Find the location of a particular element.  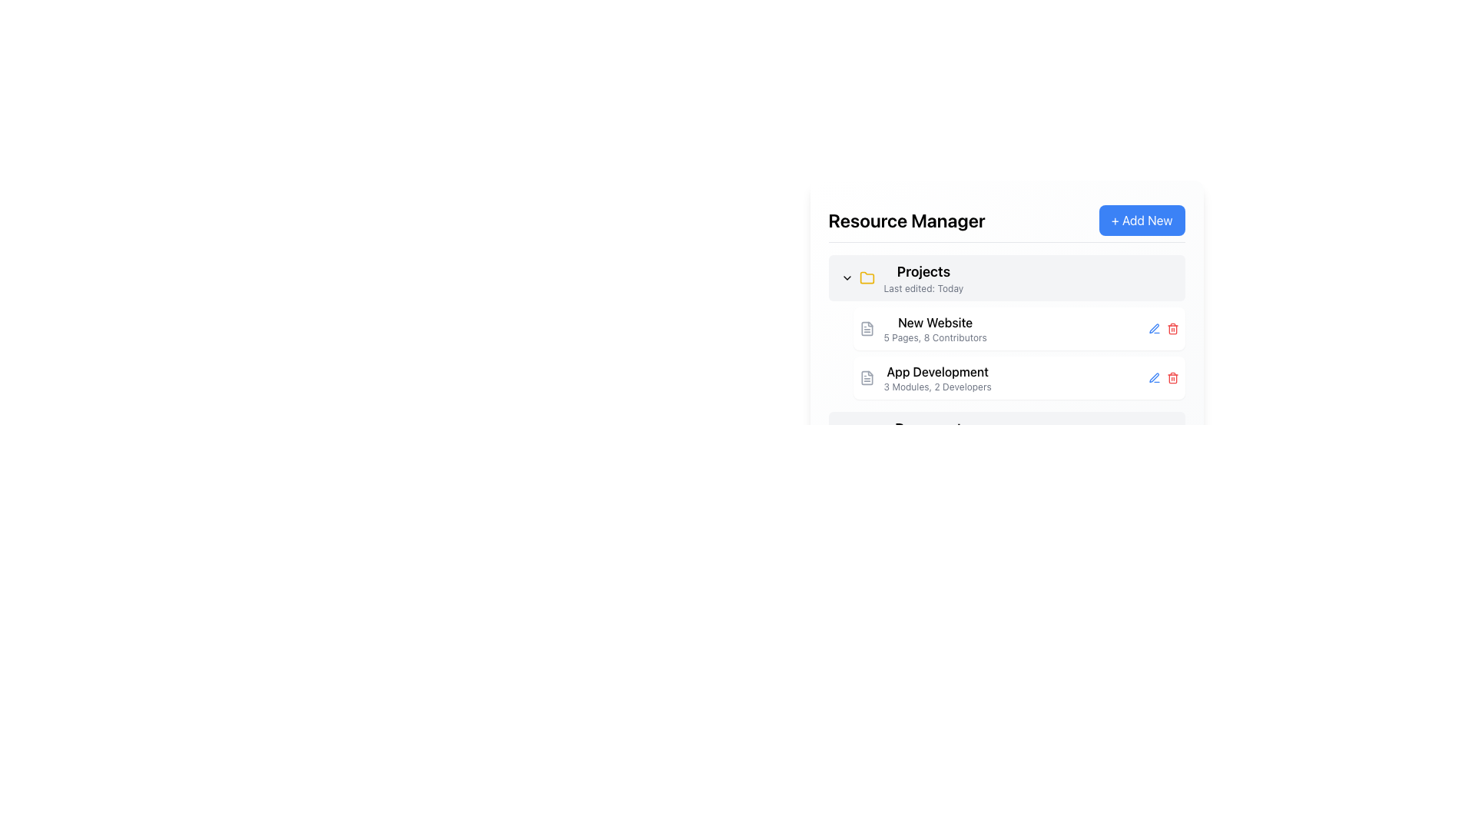

text content of the 'App Development' label located in the second entry of the 'Projects' section in the 'Resource Manager' interface, positioned below the 'New Website' entry is located at coordinates (936, 371).